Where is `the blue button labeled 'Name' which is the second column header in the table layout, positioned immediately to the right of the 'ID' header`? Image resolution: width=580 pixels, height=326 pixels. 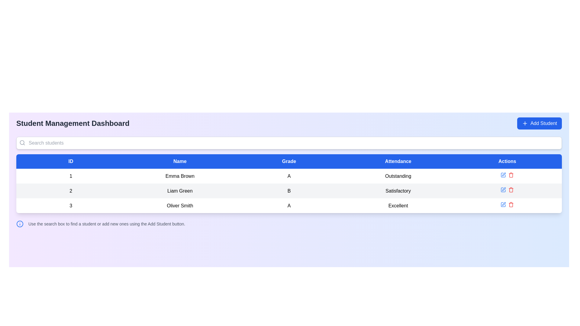
the blue button labeled 'Name' which is the second column header in the table layout, positioned immediately to the right of the 'ID' header is located at coordinates (179, 161).